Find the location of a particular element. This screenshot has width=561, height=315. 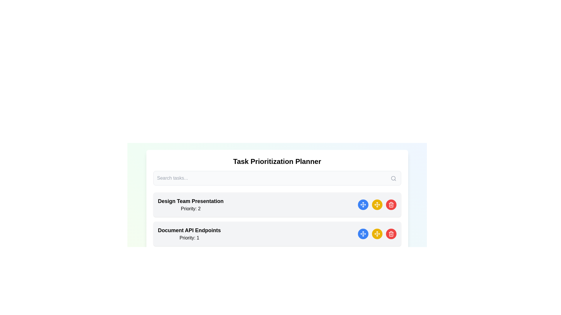

the middle circular button located at the bottom right corner of the card labeled 'Document API Endpoints Priority: 1' to trigger the hover effect is located at coordinates (377, 234).